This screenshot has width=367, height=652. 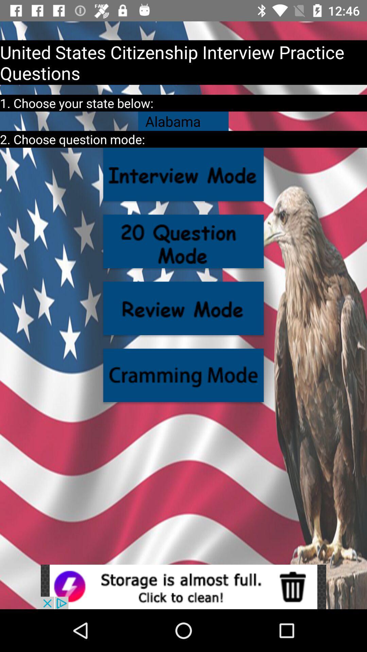 What do you see at coordinates (183, 308) in the screenshot?
I see `review mode` at bounding box center [183, 308].